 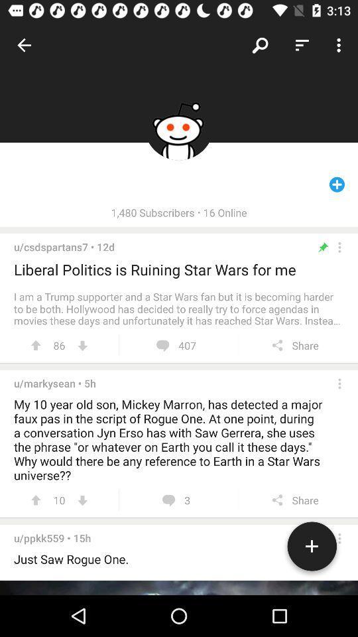 I want to click on menu, so click(x=339, y=384).